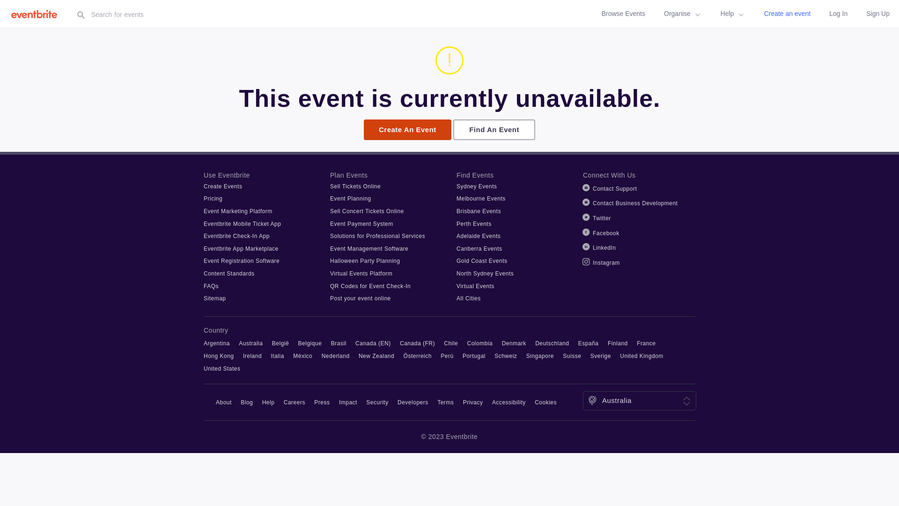 The height and width of the screenshot is (506, 899). What do you see at coordinates (350, 198) in the screenshot?
I see `'Event Planning'` at bounding box center [350, 198].